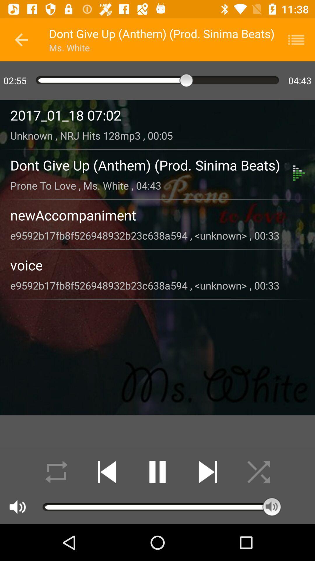 Image resolution: width=315 pixels, height=561 pixels. I want to click on shuffle, so click(258, 472).